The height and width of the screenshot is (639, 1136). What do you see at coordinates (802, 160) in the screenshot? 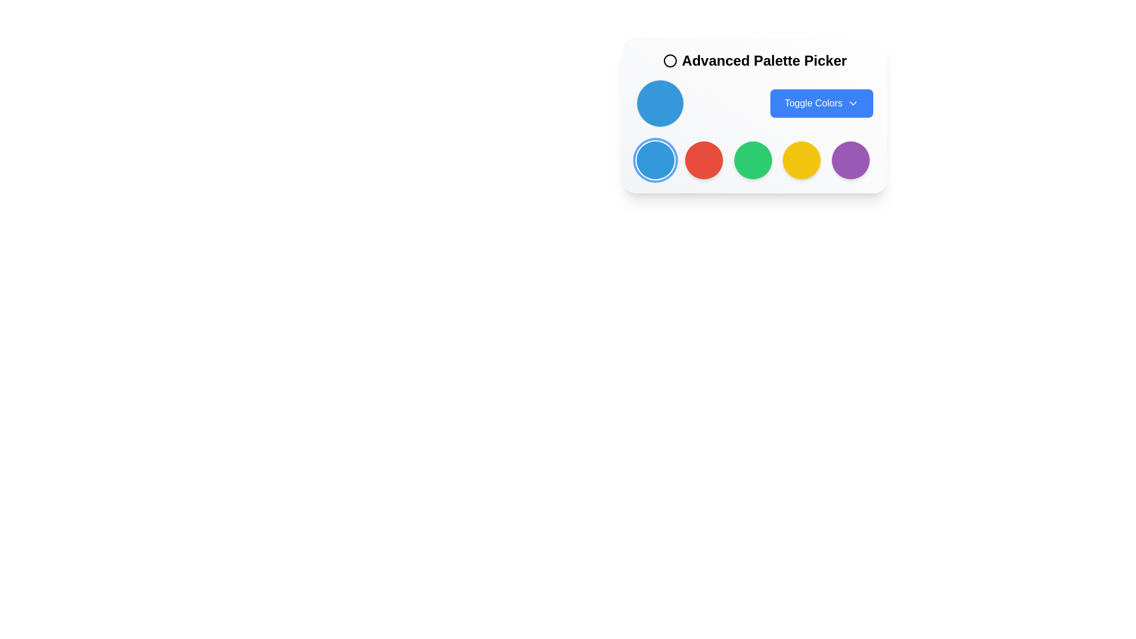
I see `the circular button with a vibrant yellow background, which is the fourth button in a row of circular buttons` at bounding box center [802, 160].